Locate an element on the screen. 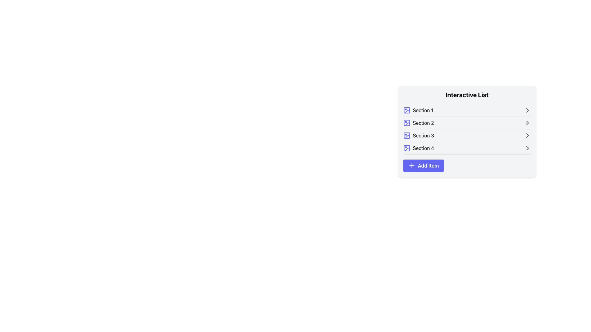 The width and height of the screenshot is (591, 332). the icon representing the list item labeled 'Section 2' located to the left of the text label is located at coordinates (407, 123).